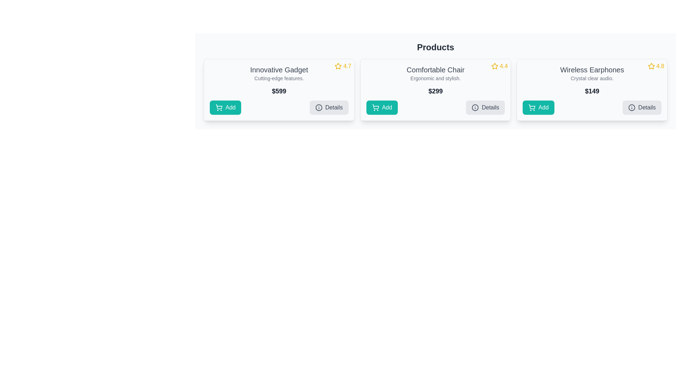  I want to click on the 'Add to cart' button located at the bottom left corner of the leftmost product card, so click(225, 107).